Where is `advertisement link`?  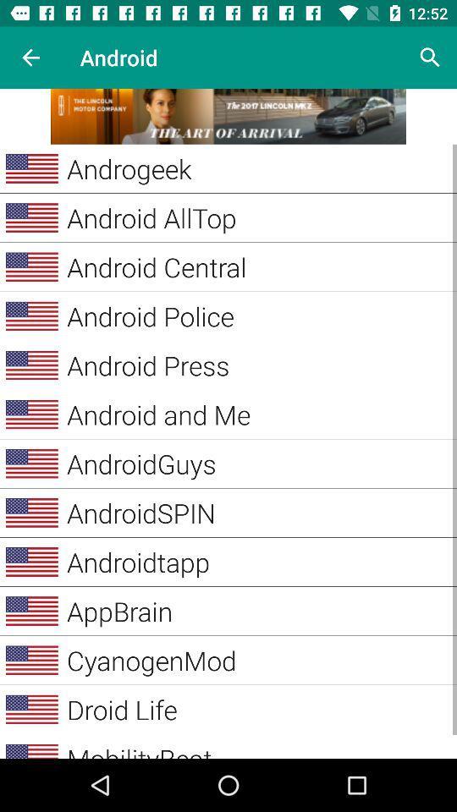 advertisement link is located at coordinates (228, 115).